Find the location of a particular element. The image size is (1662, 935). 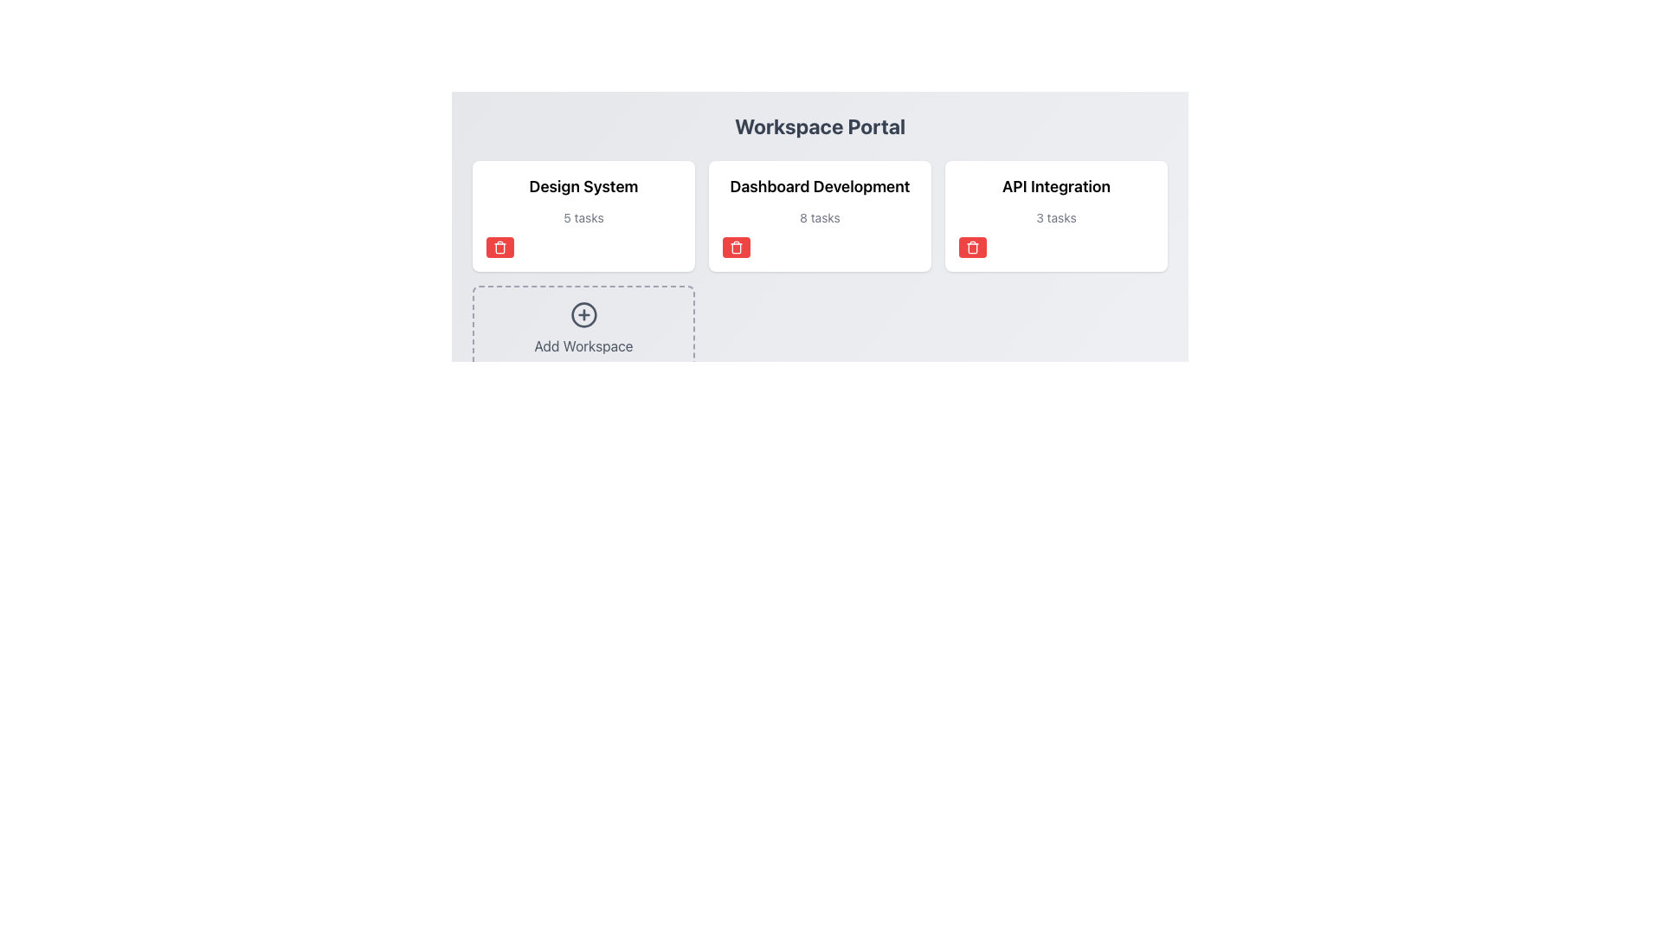

the circular SVG element with a grey border and white interior, which is part of the 'Add Workspace' button located at the bottom-left of the interface is located at coordinates (583, 314).